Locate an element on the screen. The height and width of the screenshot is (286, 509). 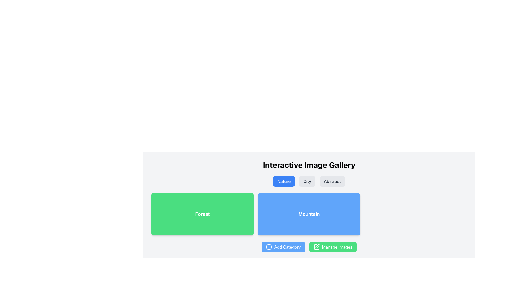
the icon within the 'Add Category' button located at the bottom row of the interface, to the left of the 'Manage Images' button is located at coordinates (269, 247).